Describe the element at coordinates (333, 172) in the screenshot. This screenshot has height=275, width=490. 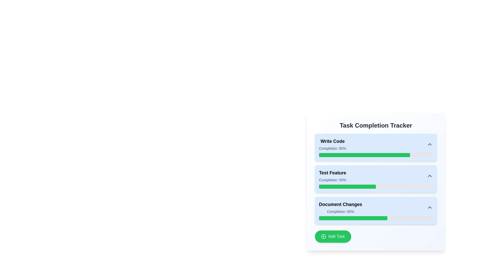
I see `the label displaying the task name in the 'Task Completion Tracker' section` at that location.